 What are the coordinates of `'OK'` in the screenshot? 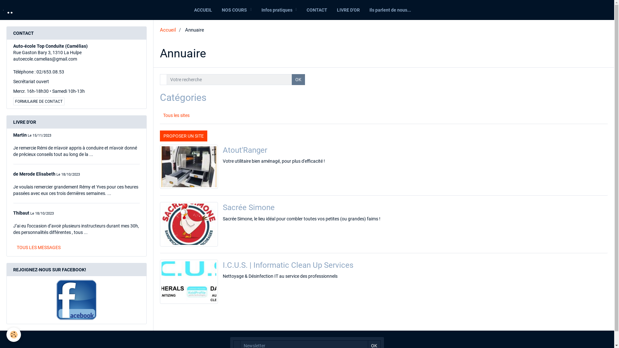 It's located at (291, 79).